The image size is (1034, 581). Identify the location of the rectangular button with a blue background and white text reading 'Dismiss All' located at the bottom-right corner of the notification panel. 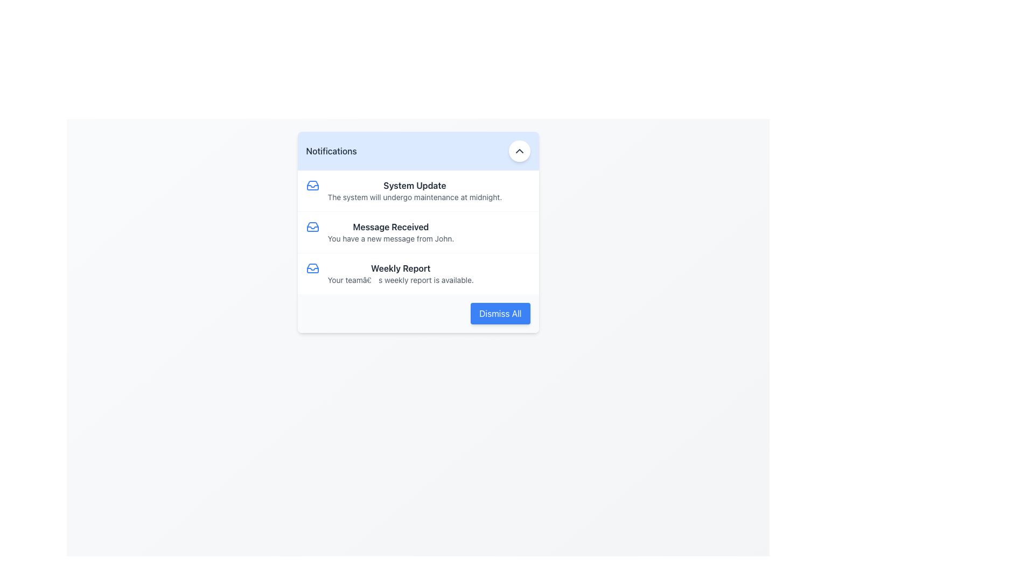
(500, 313).